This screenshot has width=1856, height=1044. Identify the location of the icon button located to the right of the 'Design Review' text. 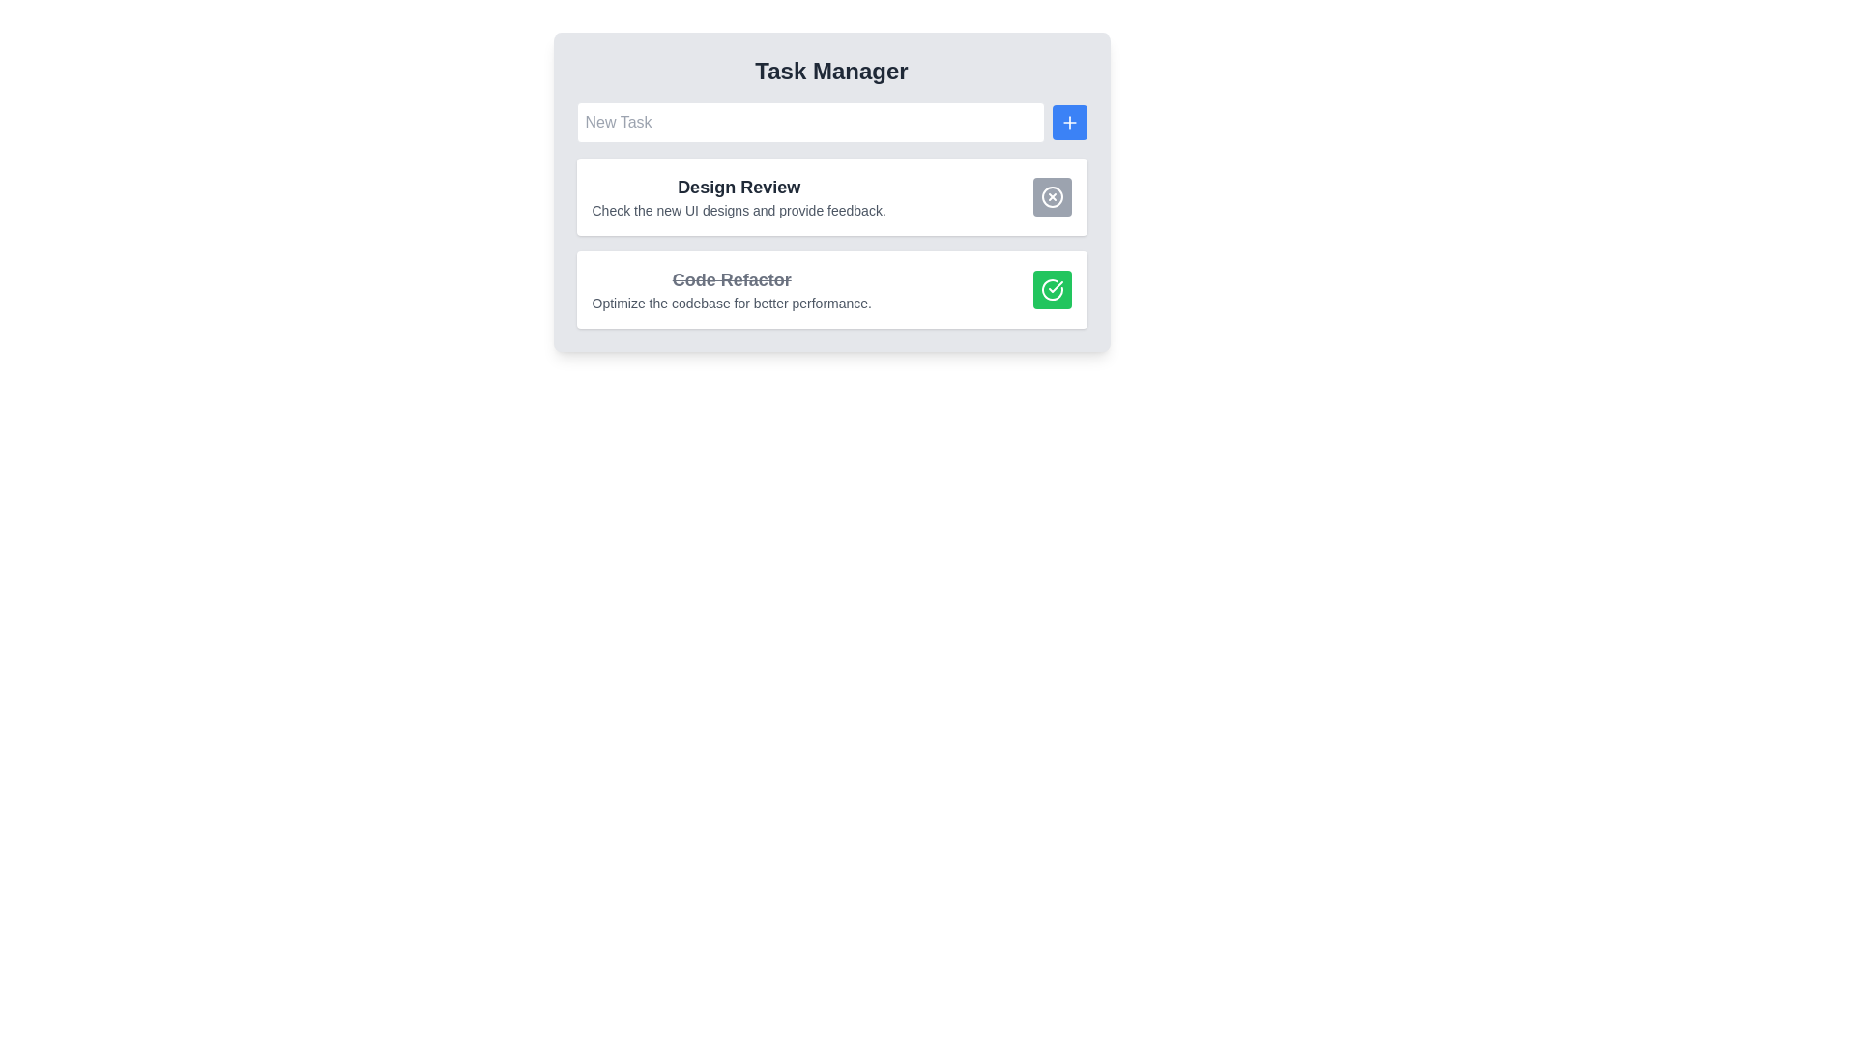
(1051, 197).